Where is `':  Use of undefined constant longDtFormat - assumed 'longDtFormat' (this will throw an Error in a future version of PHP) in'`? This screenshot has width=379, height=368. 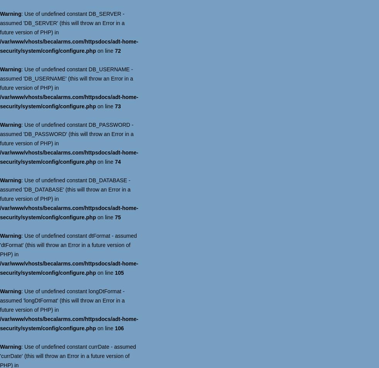 ':  Use of undefined constant longDtFormat - assumed 'longDtFormat' (this will throw an Error in a future version of PHP) in' is located at coordinates (62, 300).